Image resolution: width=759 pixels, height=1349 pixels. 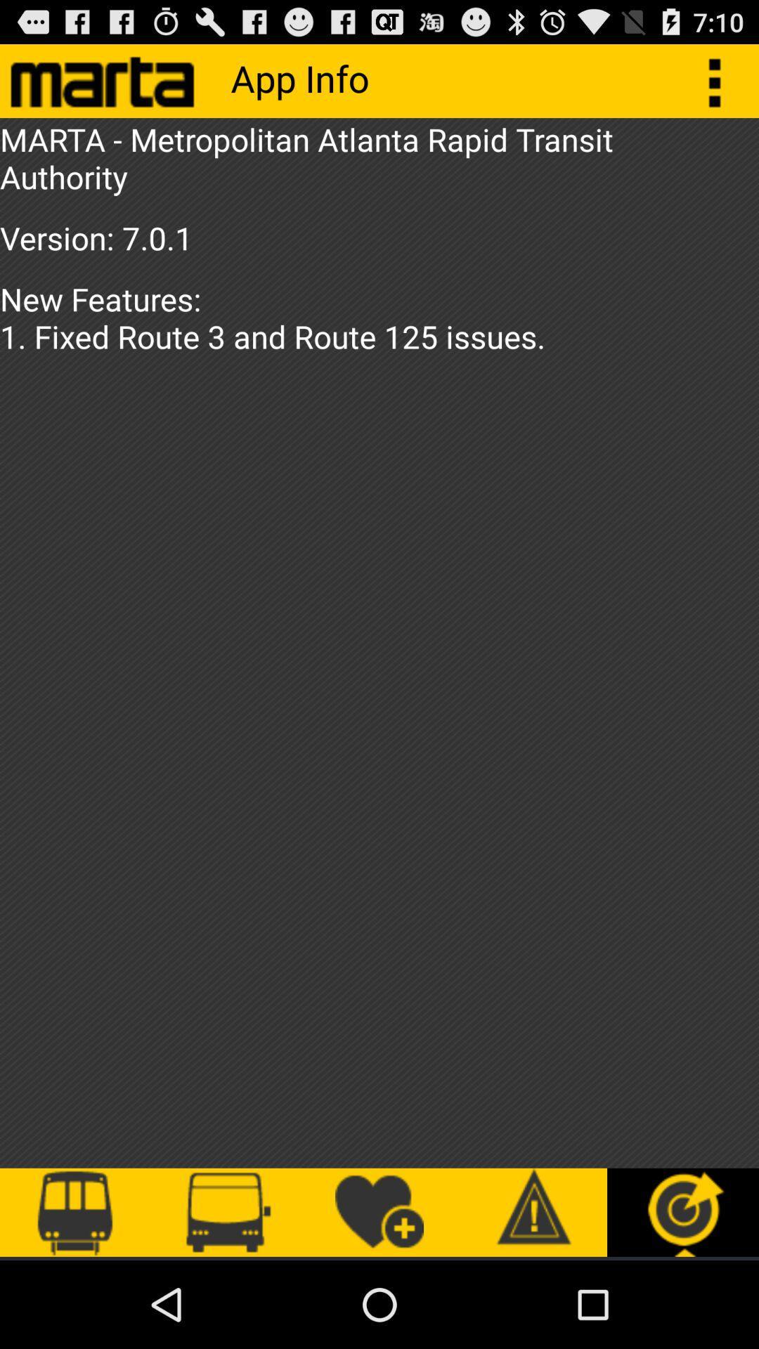 I want to click on the more icon, so click(x=722, y=86).